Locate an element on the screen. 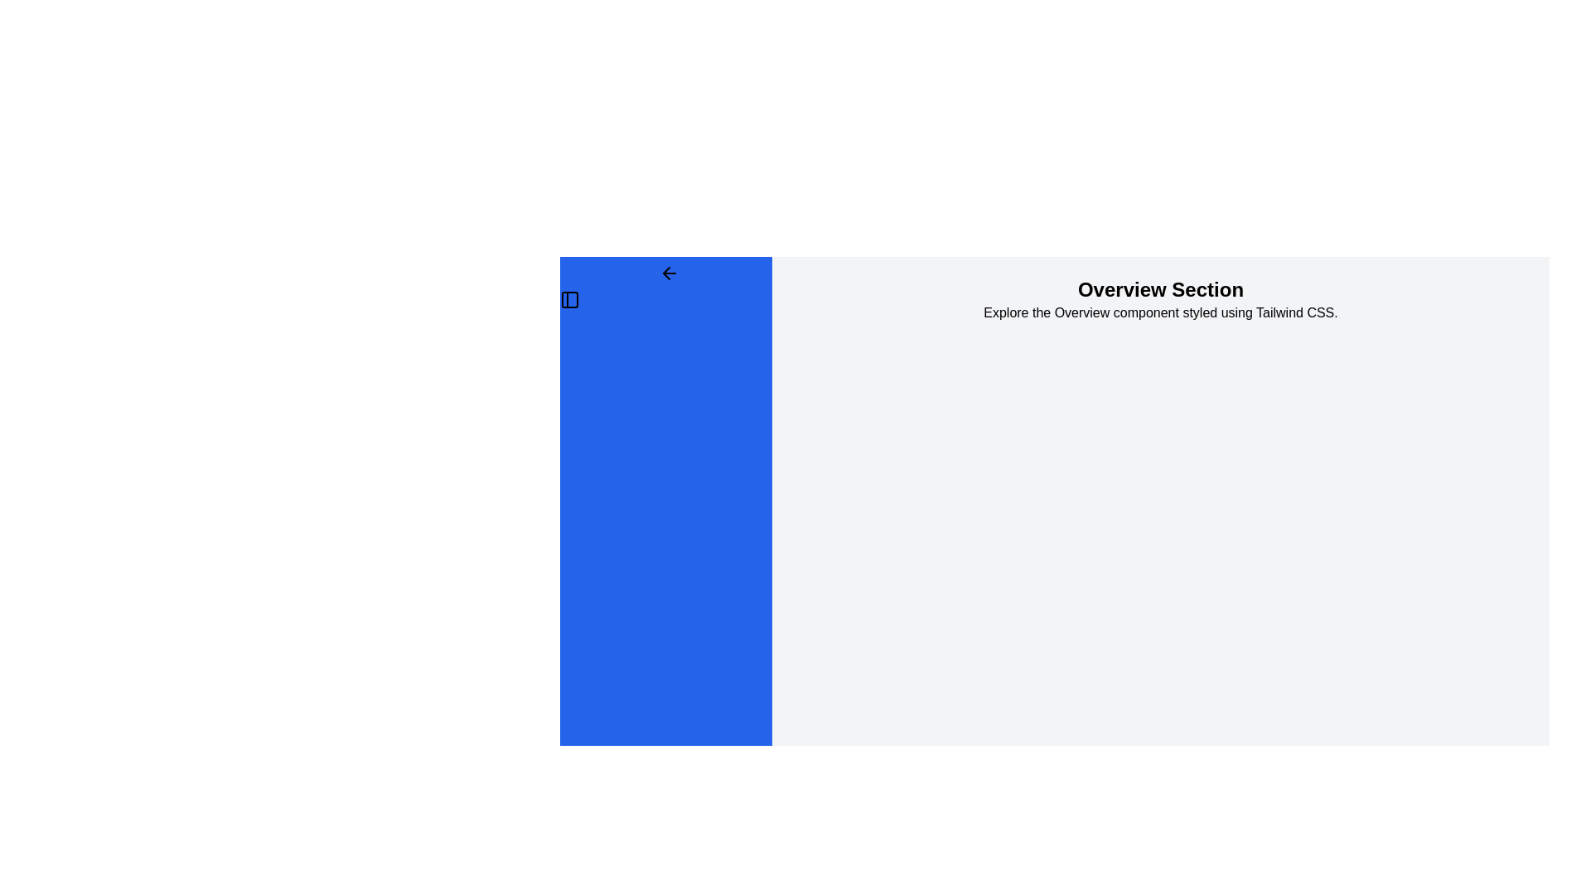 Image resolution: width=1591 pixels, height=895 pixels. the sidebar toggle button to toggle the sidebar visibility is located at coordinates (666, 273).